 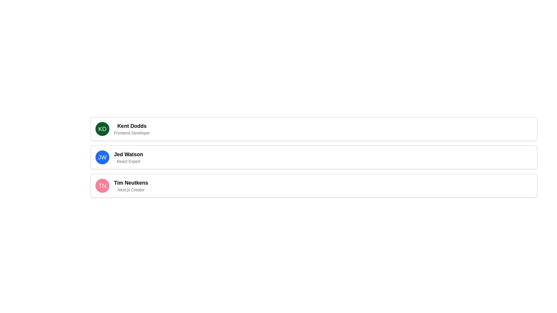 What do you see at coordinates (313, 157) in the screenshot?
I see `the List Item Display Component featuring the profile placeholder with initials 'JW' and the name 'Jed Watson'` at bounding box center [313, 157].